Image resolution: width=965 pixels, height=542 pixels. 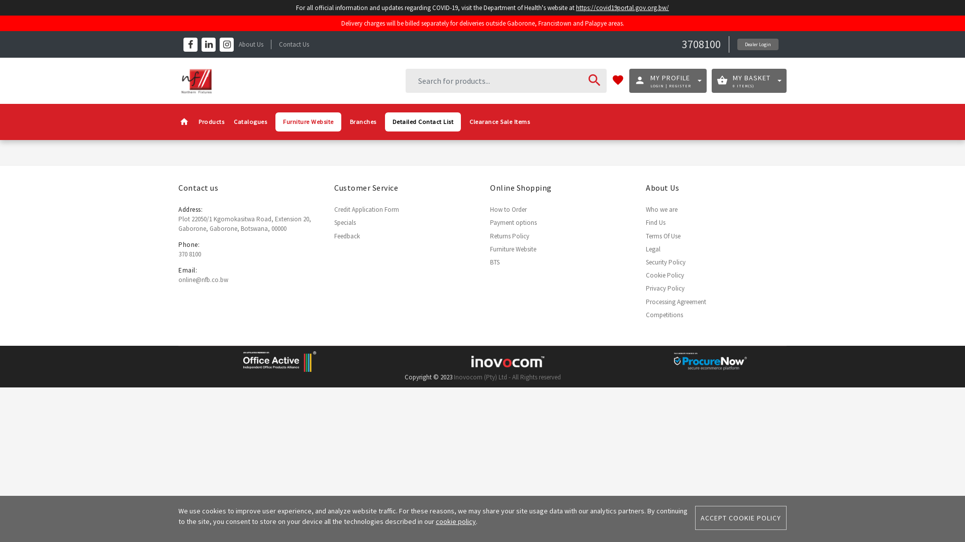 What do you see at coordinates (663, 236) in the screenshot?
I see `'Terms Of Use'` at bounding box center [663, 236].